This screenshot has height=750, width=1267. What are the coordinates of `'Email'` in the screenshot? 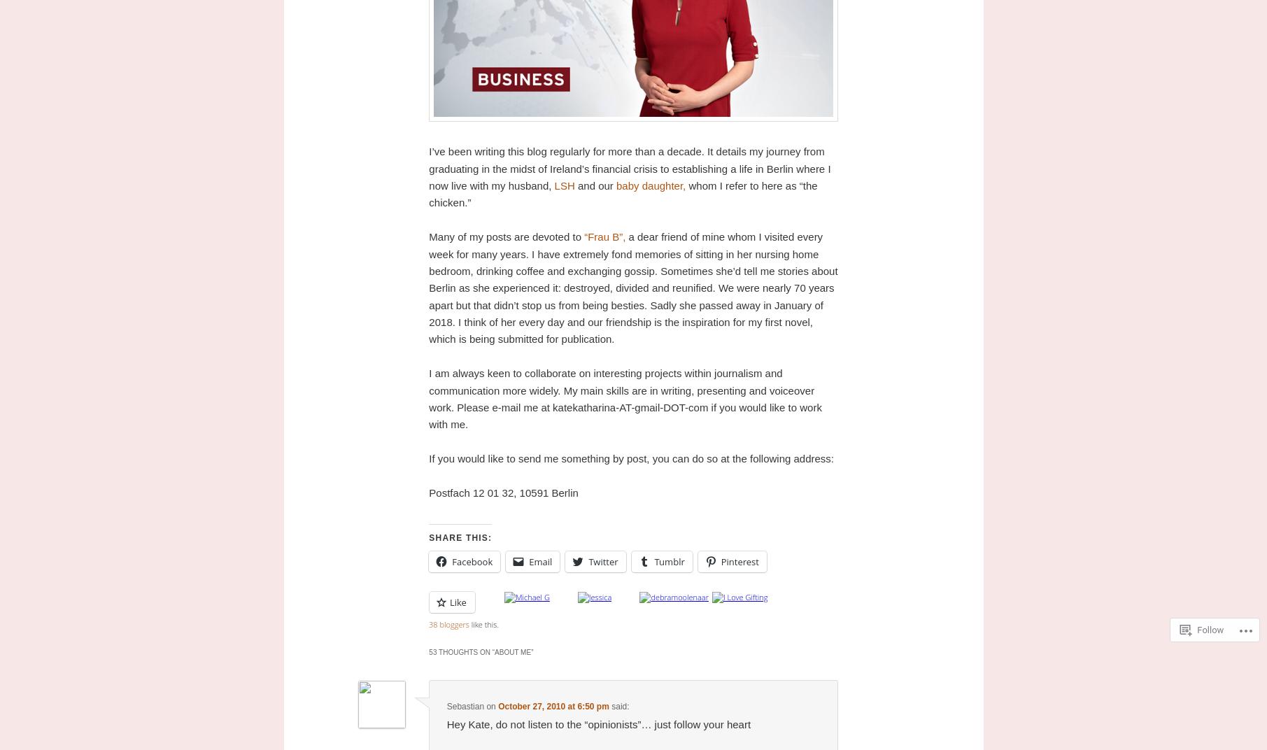 It's located at (539, 562).